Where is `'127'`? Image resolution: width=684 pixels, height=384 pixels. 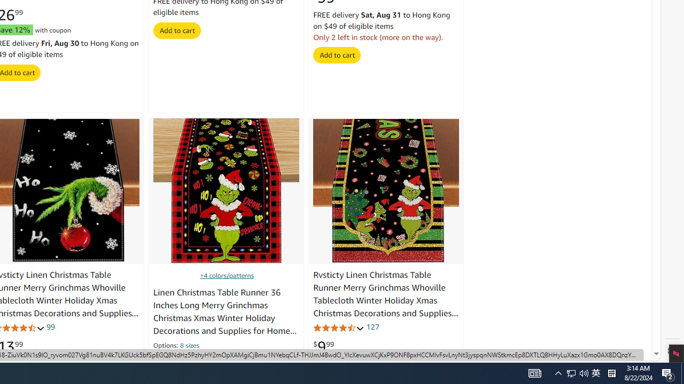
'127' is located at coordinates (372, 326).